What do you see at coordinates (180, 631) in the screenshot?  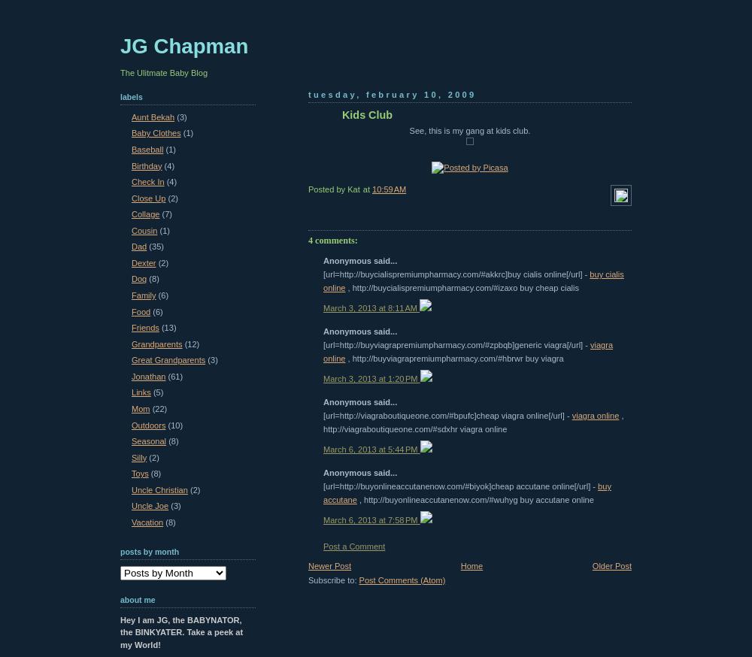 I see `'Hey I am JG, the BABYNATOR, the BINKYATER. Take a peek at my World!'` at bounding box center [180, 631].